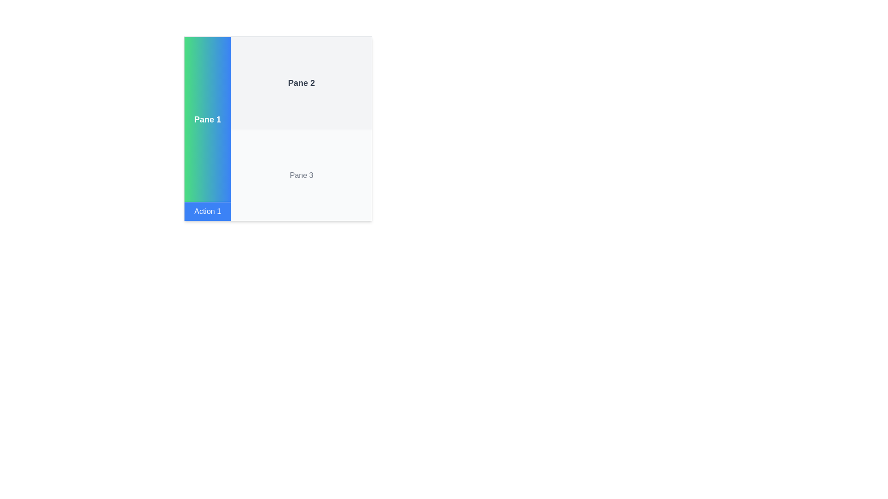 The width and height of the screenshot is (888, 499). What do you see at coordinates (207, 119) in the screenshot?
I see `the Text Label that serves as a title for the pane, located near the top-left side of the layout, above the 'Action 1' button` at bounding box center [207, 119].